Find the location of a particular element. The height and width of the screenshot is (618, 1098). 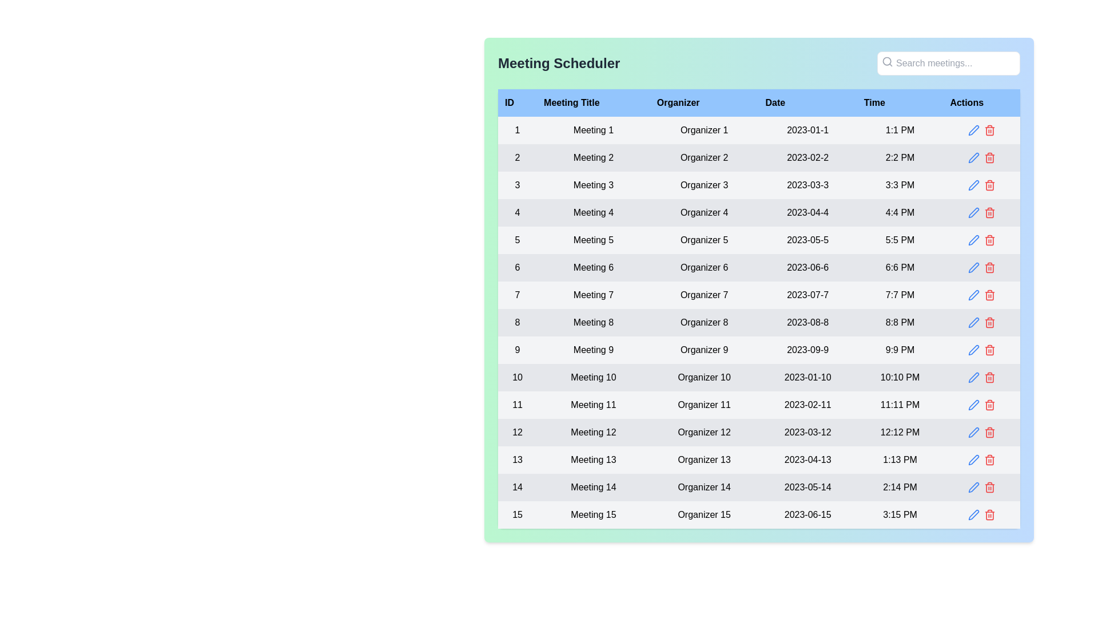

the trash bin icon located in the top-right corner of the Actions column in the meeting information table is located at coordinates (989, 185).